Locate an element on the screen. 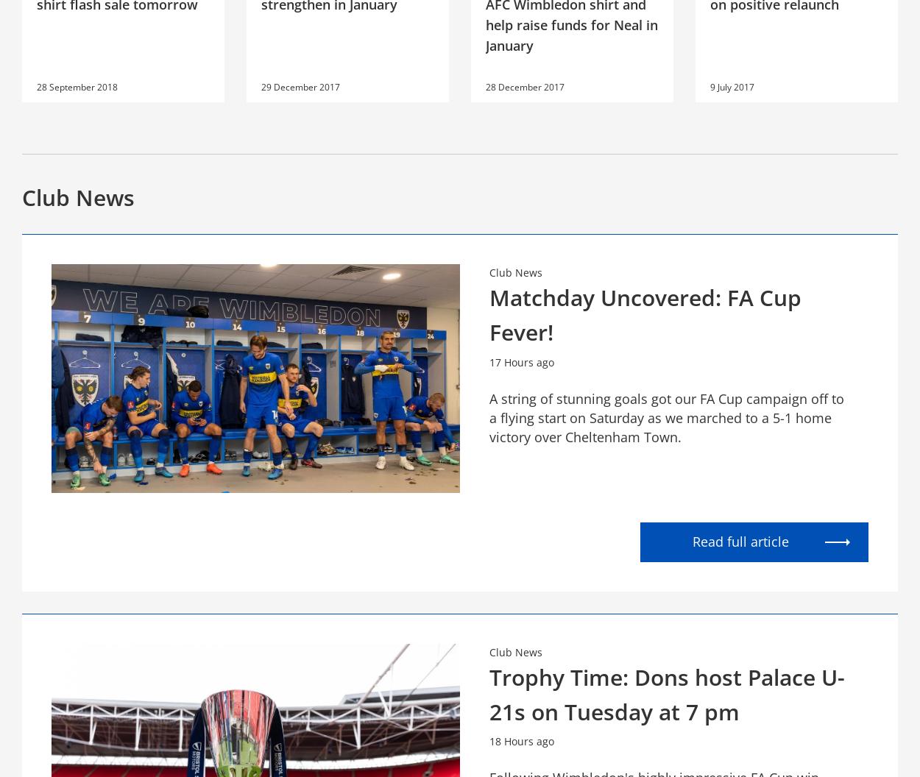 This screenshot has height=777, width=920. 'Read full article' is located at coordinates (692, 539).